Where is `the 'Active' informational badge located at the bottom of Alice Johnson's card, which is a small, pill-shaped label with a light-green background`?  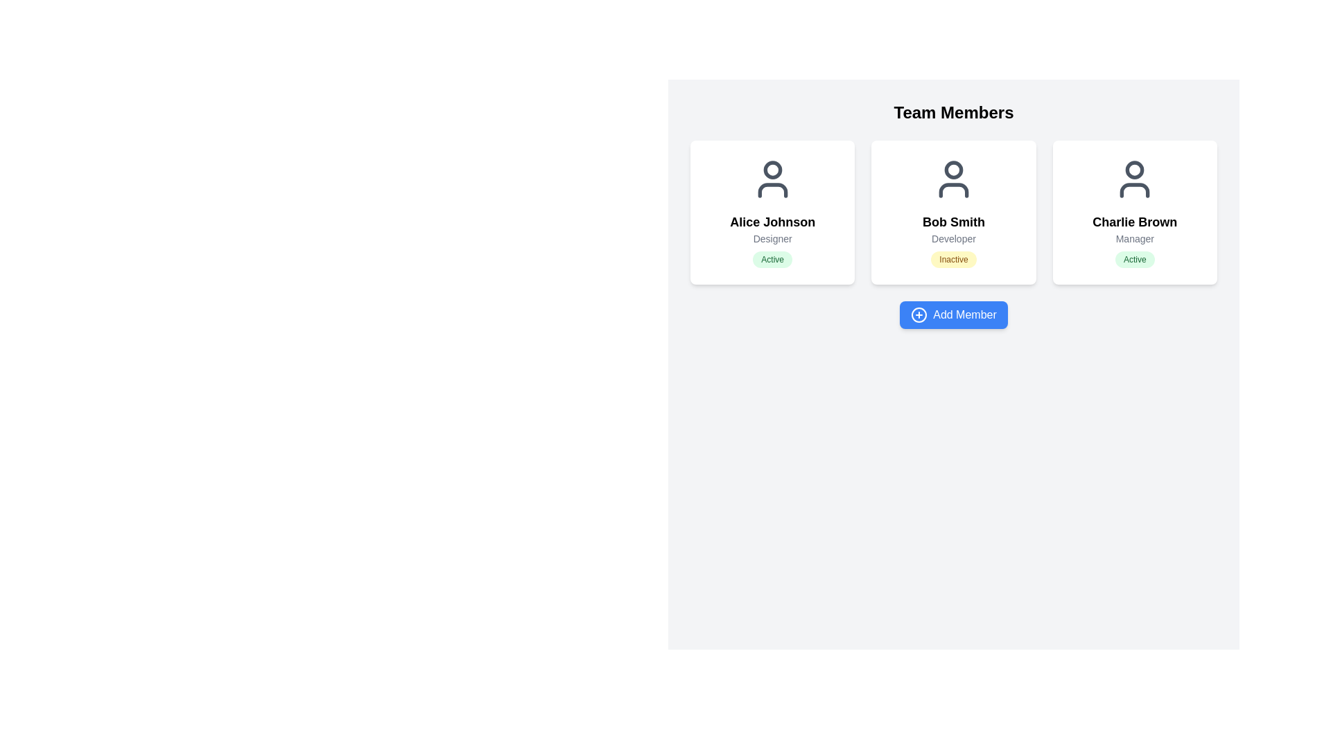 the 'Active' informational badge located at the bottom of Alice Johnson's card, which is a small, pill-shaped label with a light-green background is located at coordinates (772, 259).